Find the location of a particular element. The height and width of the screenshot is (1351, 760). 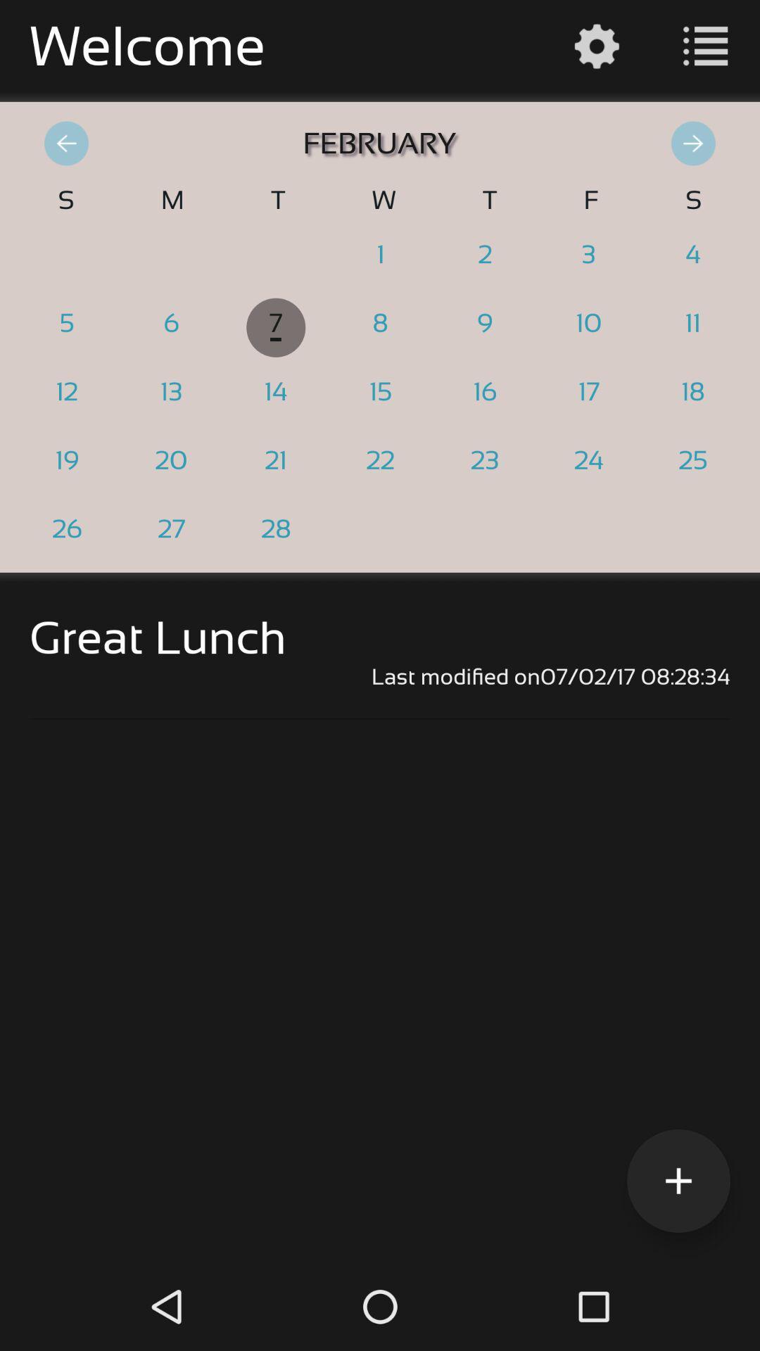

the settings icon is located at coordinates (597, 46).